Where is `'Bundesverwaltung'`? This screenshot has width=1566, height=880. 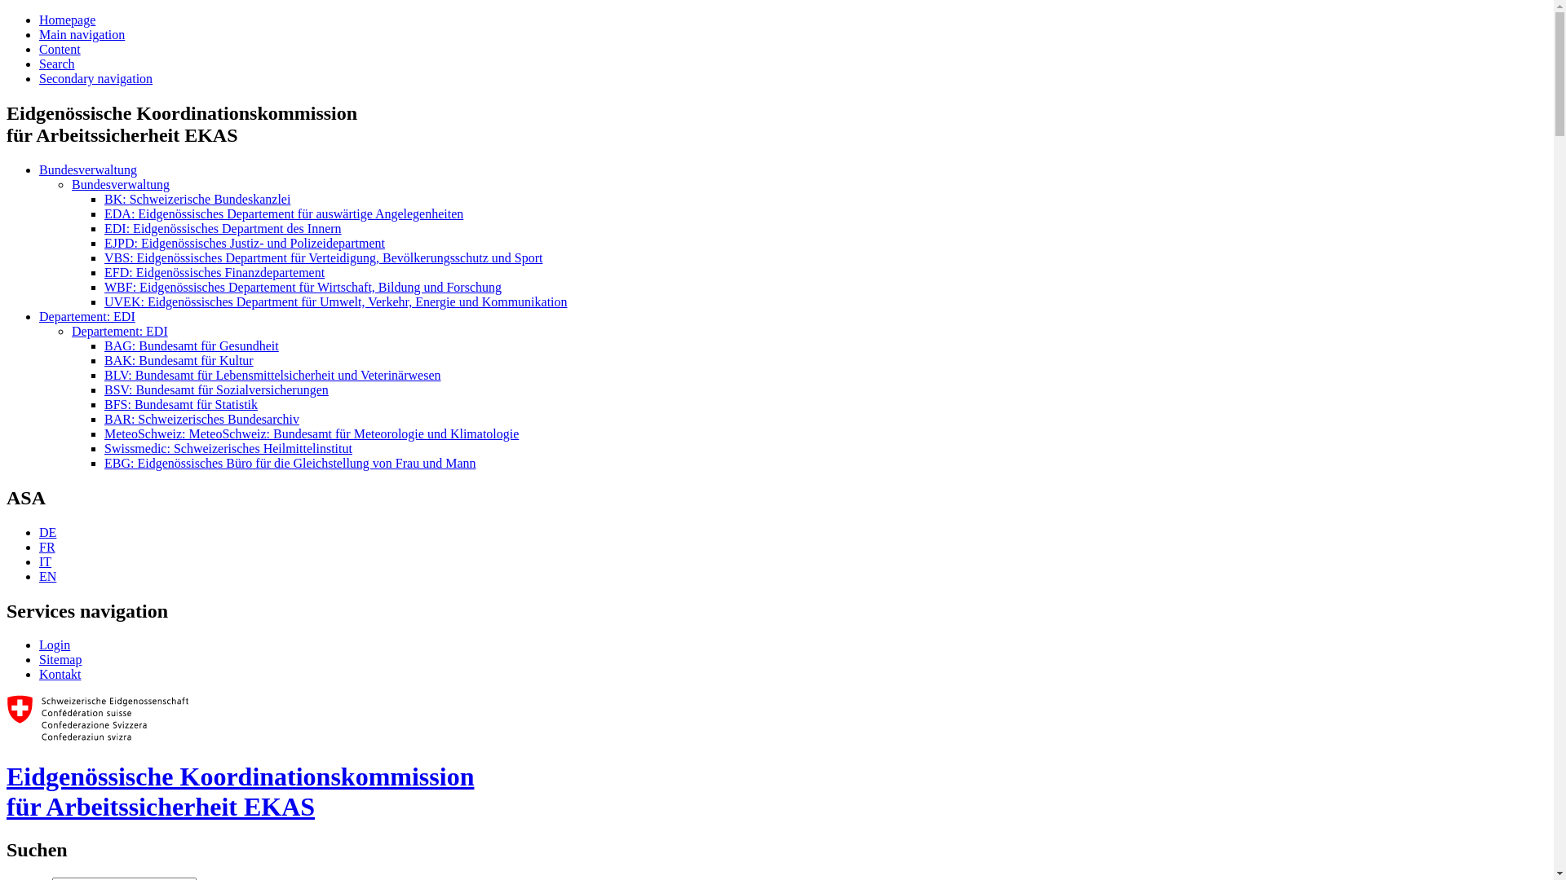
'Bundesverwaltung' is located at coordinates (120, 183).